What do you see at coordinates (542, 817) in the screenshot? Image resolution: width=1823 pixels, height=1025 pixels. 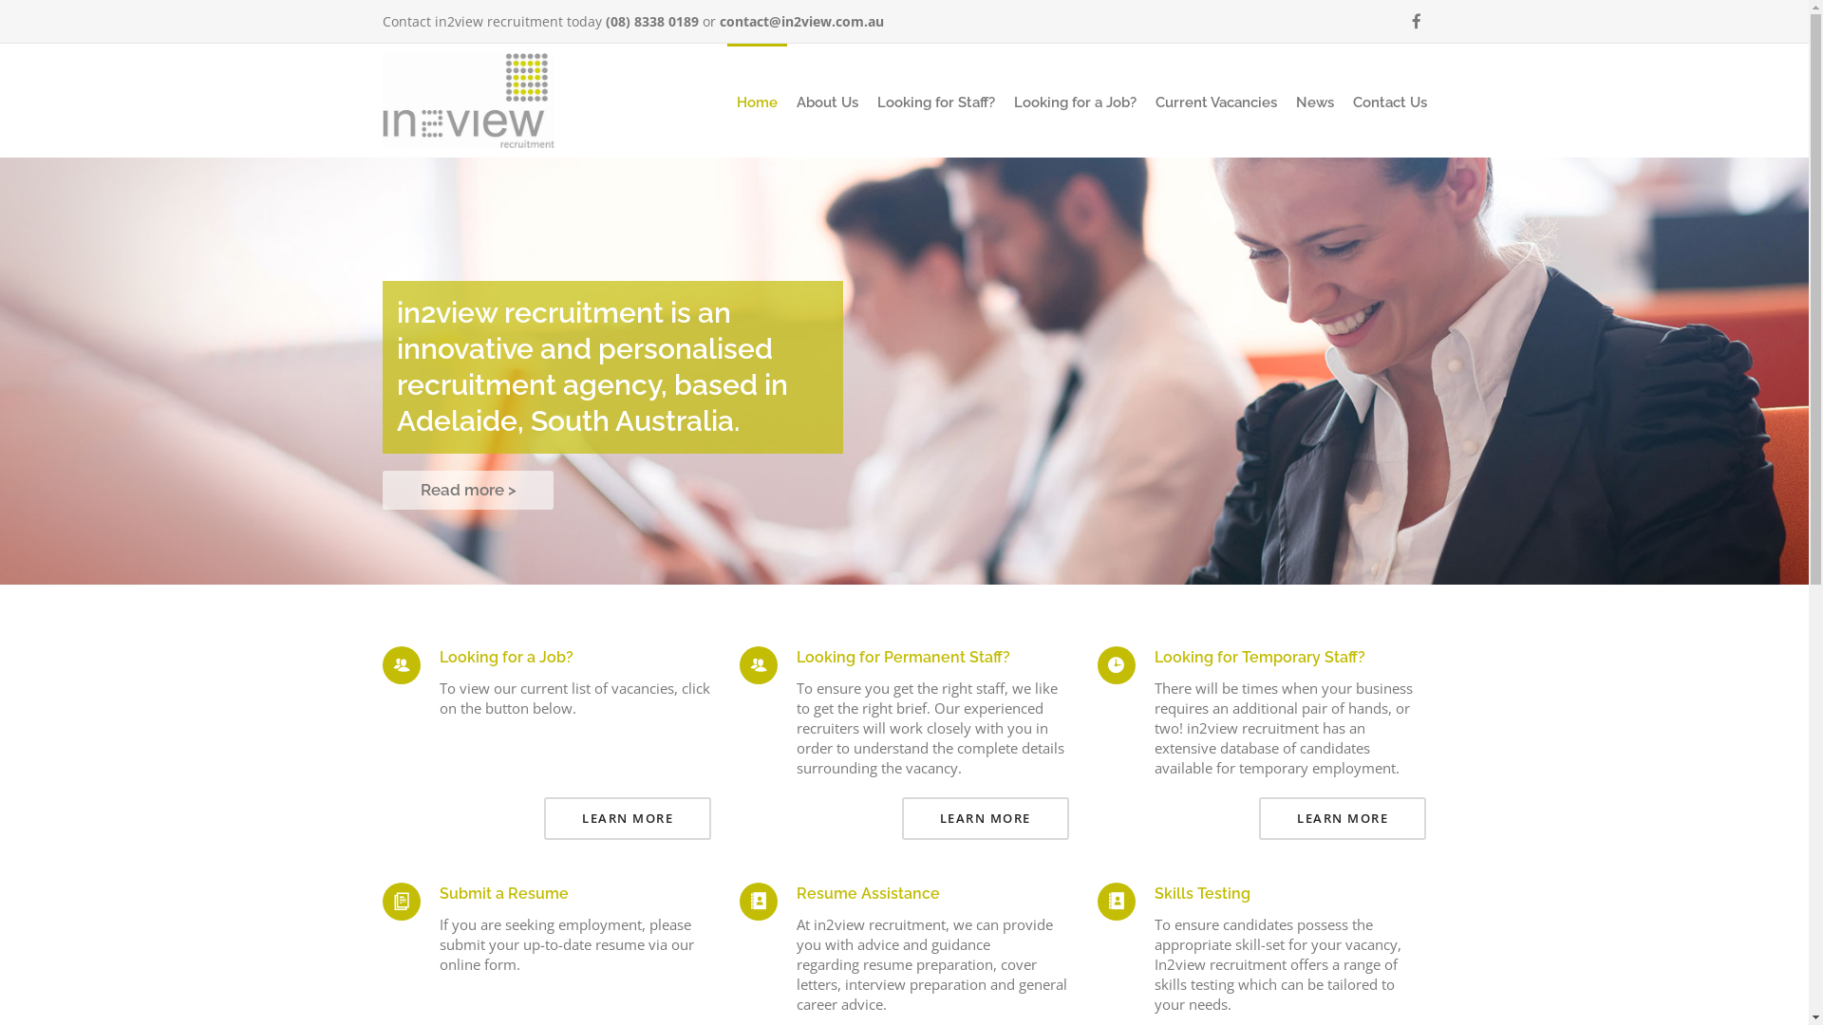 I see `'LEARN MORE'` at bounding box center [542, 817].